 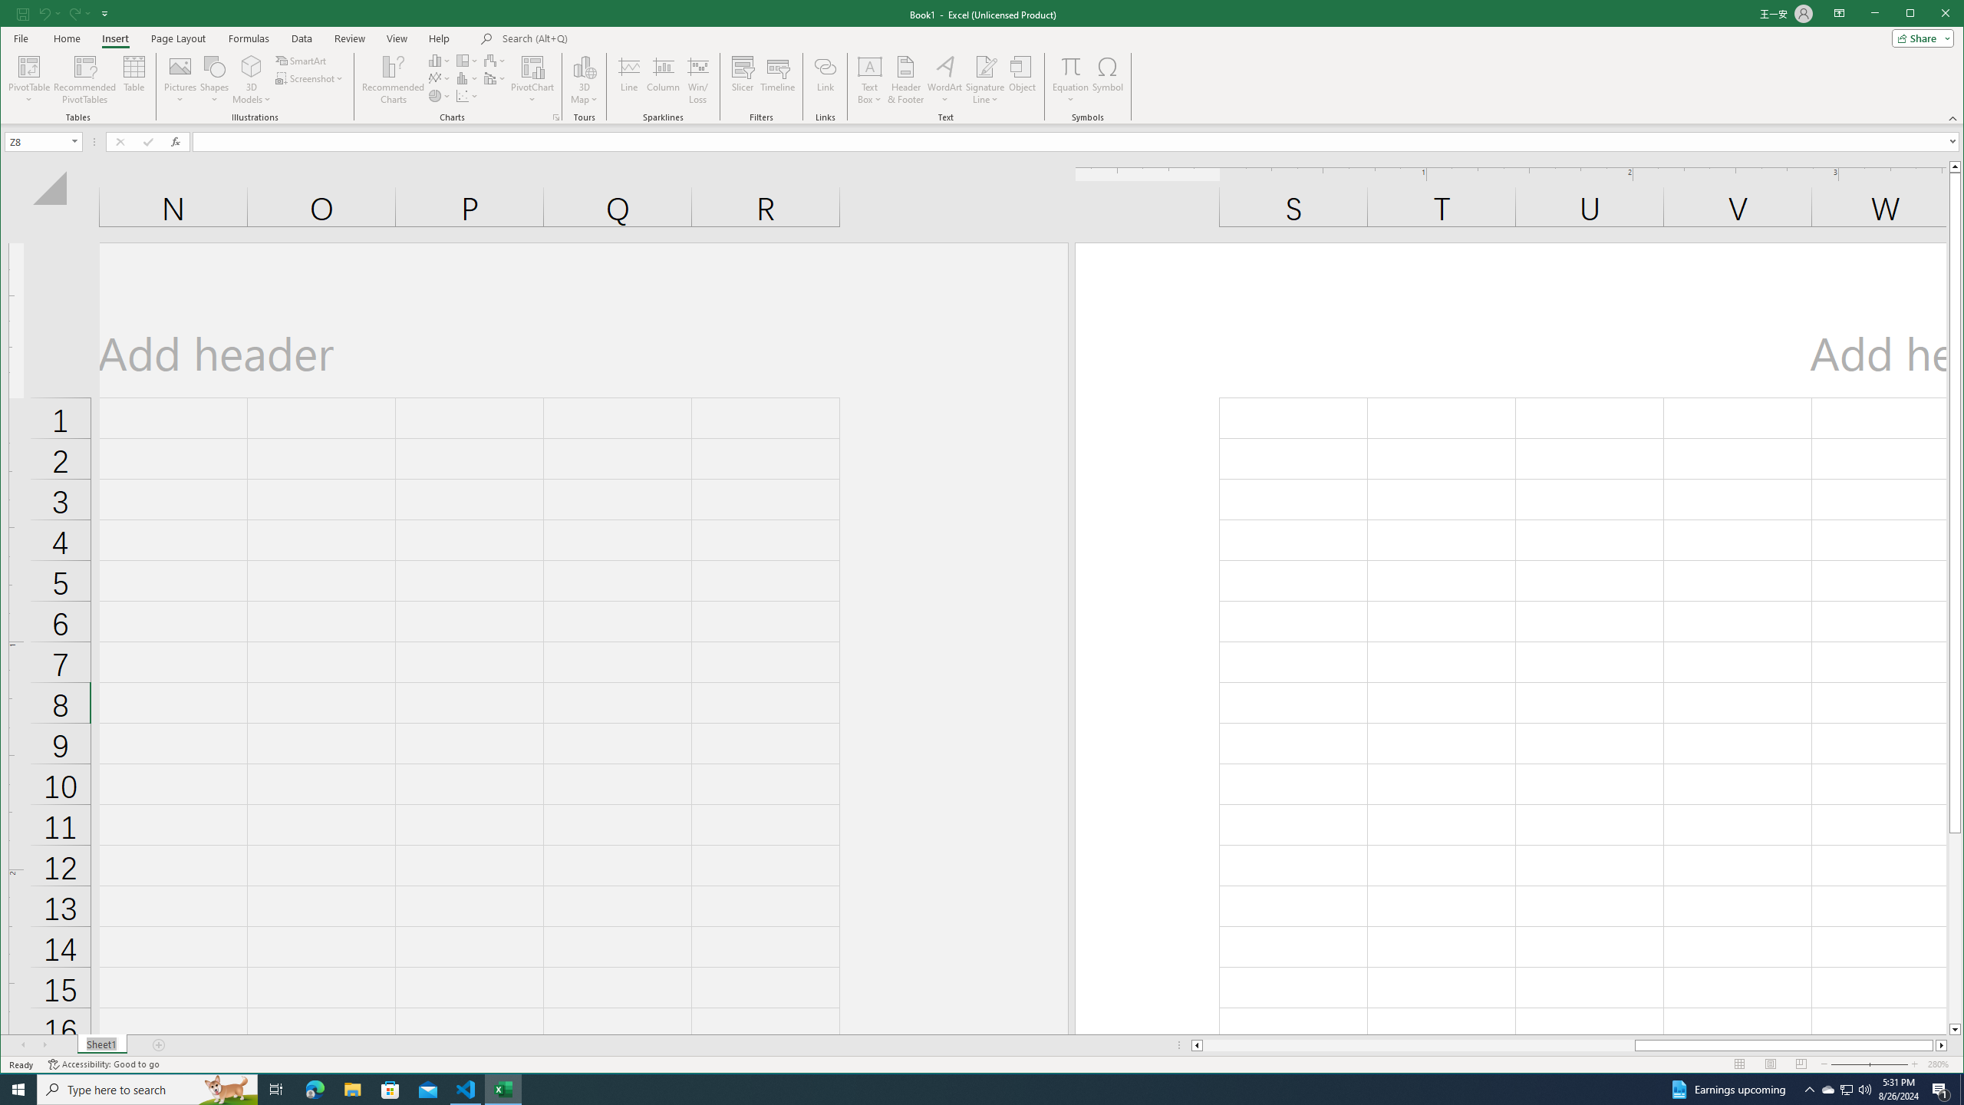 I want to click on 'Signature Line', so click(x=984, y=79).